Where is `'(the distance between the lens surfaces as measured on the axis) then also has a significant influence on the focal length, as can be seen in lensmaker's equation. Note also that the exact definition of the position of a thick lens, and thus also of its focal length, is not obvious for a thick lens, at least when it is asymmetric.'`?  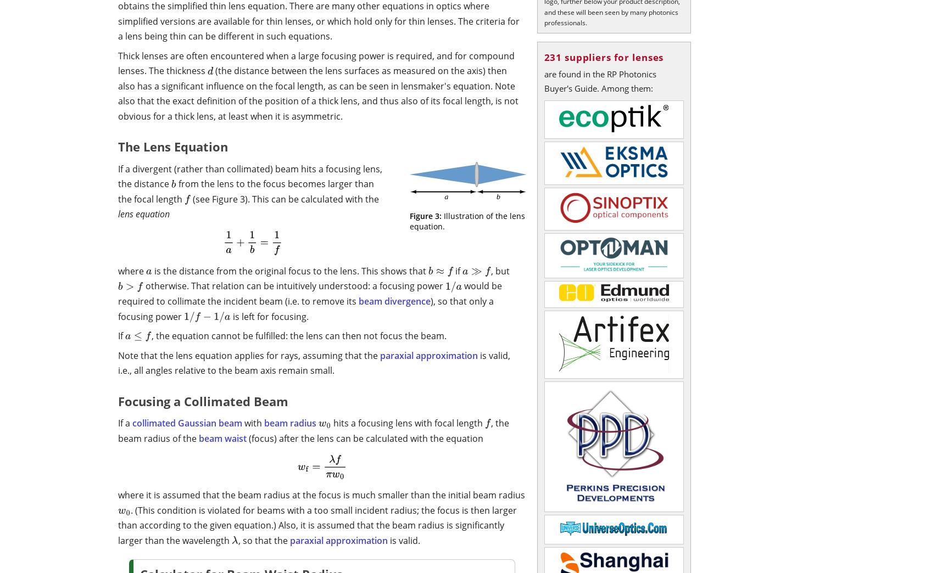
'(the distance between the lens surfaces as measured on the axis) then also has a significant influence on the focal length, as can be seen in lensmaker's equation. Note also that the exact definition of the position of a thick lens, and thus also of its focal length, is not obvious for a thick lens, at least when it is asymmetric.' is located at coordinates (117, 92).